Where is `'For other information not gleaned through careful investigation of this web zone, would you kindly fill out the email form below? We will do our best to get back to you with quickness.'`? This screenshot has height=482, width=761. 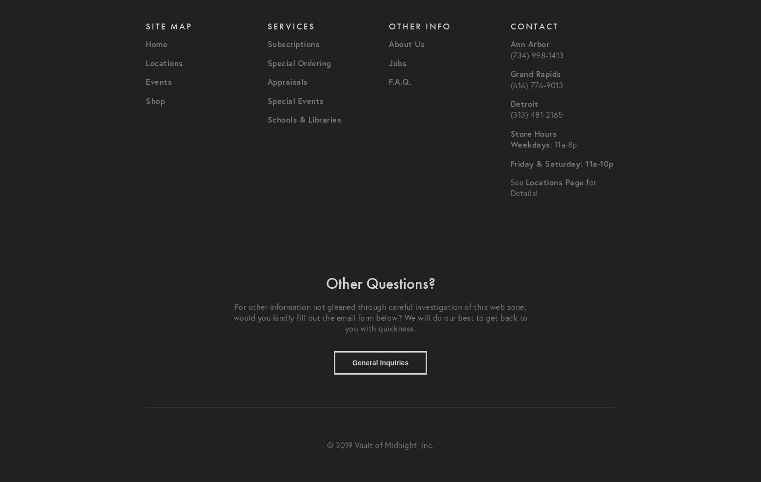 'For other information not gleaned through careful investigation of this web zone, would you kindly fill out the email form below? We will do our best to get back to you with quickness.' is located at coordinates (233, 317).